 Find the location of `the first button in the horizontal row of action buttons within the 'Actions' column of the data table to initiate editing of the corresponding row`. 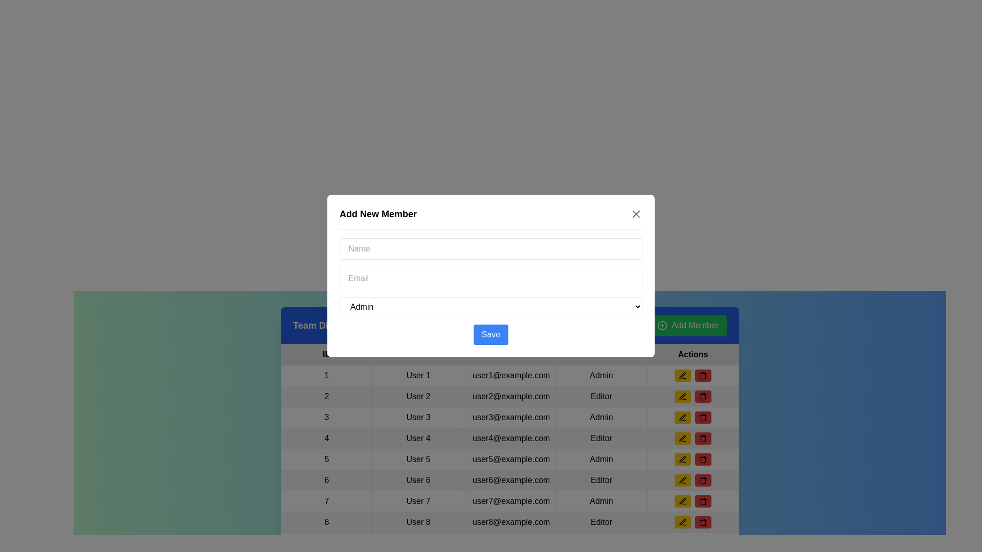

the first button in the horizontal row of action buttons within the 'Actions' column of the data table to initiate editing of the corresponding row is located at coordinates (682, 396).